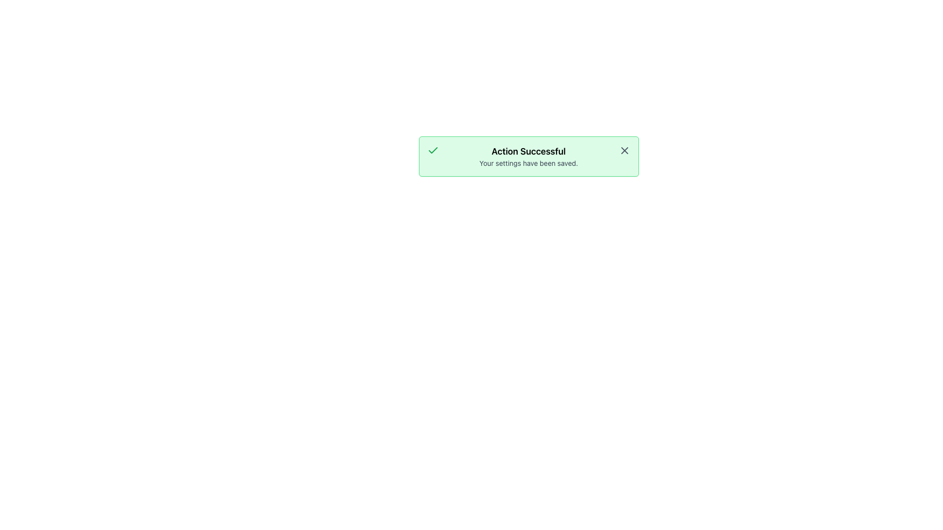  I want to click on the 'X' button located at the top-right corner of the light green notification box, so click(624, 151).